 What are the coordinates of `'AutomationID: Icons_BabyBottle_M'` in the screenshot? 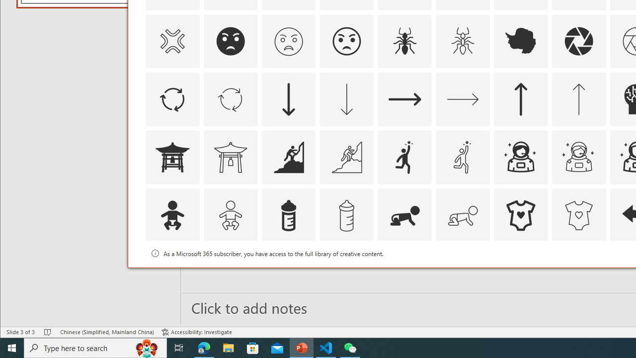 It's located at (346, 215).